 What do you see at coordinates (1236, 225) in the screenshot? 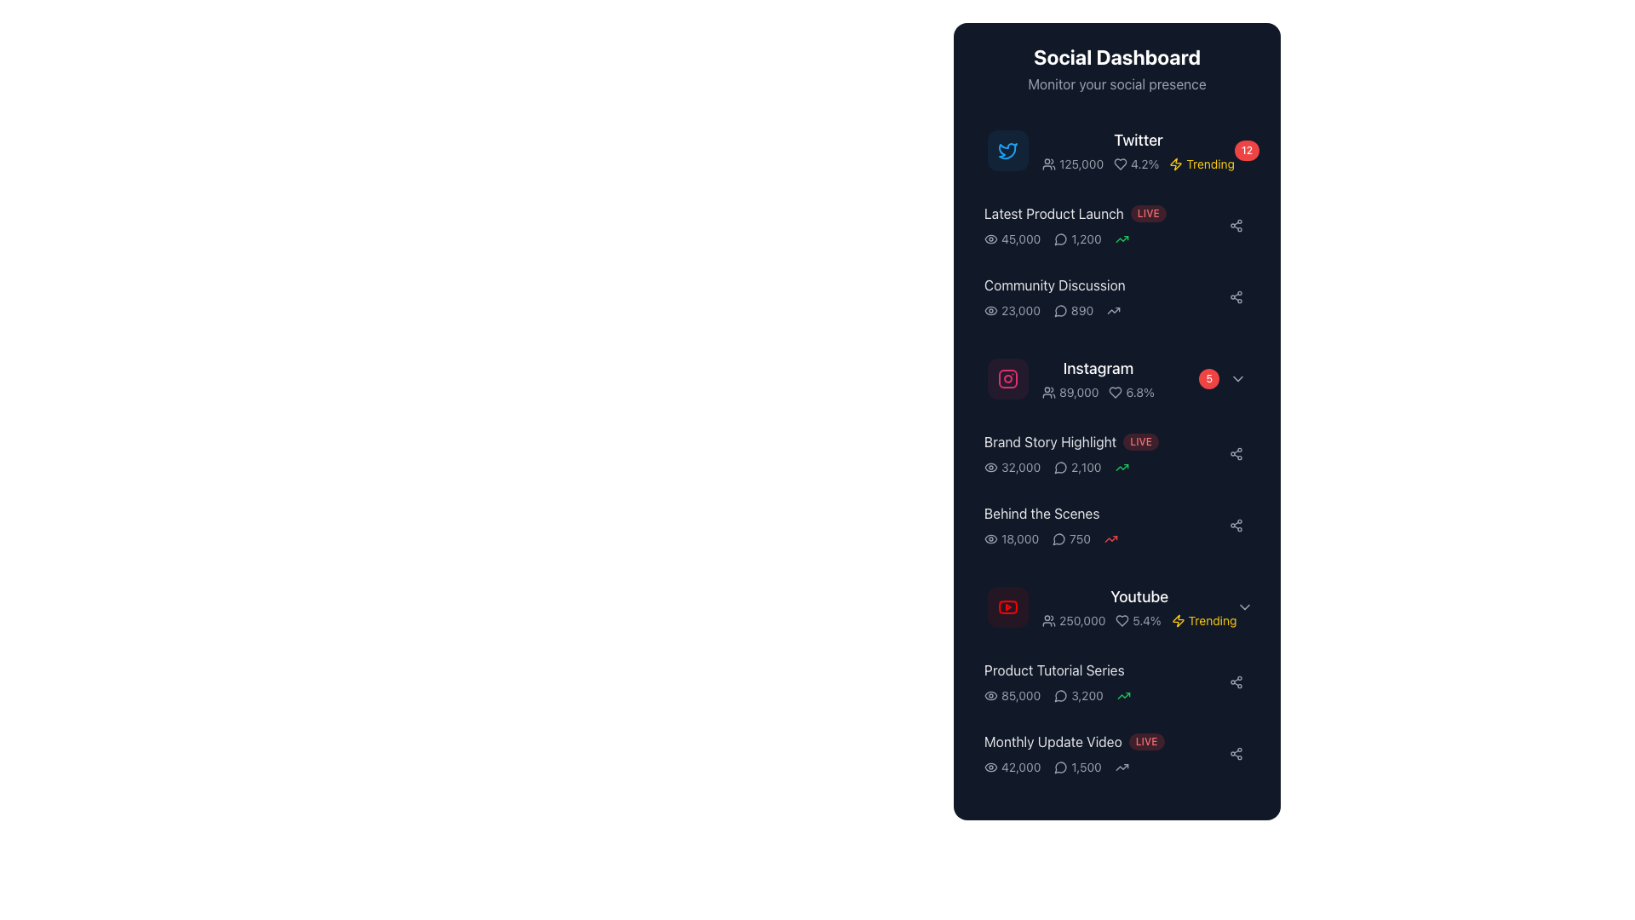
I see `the share icon button located to the right of the 'LIVE' label in the row for the 'Latest Product Launch'` at bounding box center [1236, 225].